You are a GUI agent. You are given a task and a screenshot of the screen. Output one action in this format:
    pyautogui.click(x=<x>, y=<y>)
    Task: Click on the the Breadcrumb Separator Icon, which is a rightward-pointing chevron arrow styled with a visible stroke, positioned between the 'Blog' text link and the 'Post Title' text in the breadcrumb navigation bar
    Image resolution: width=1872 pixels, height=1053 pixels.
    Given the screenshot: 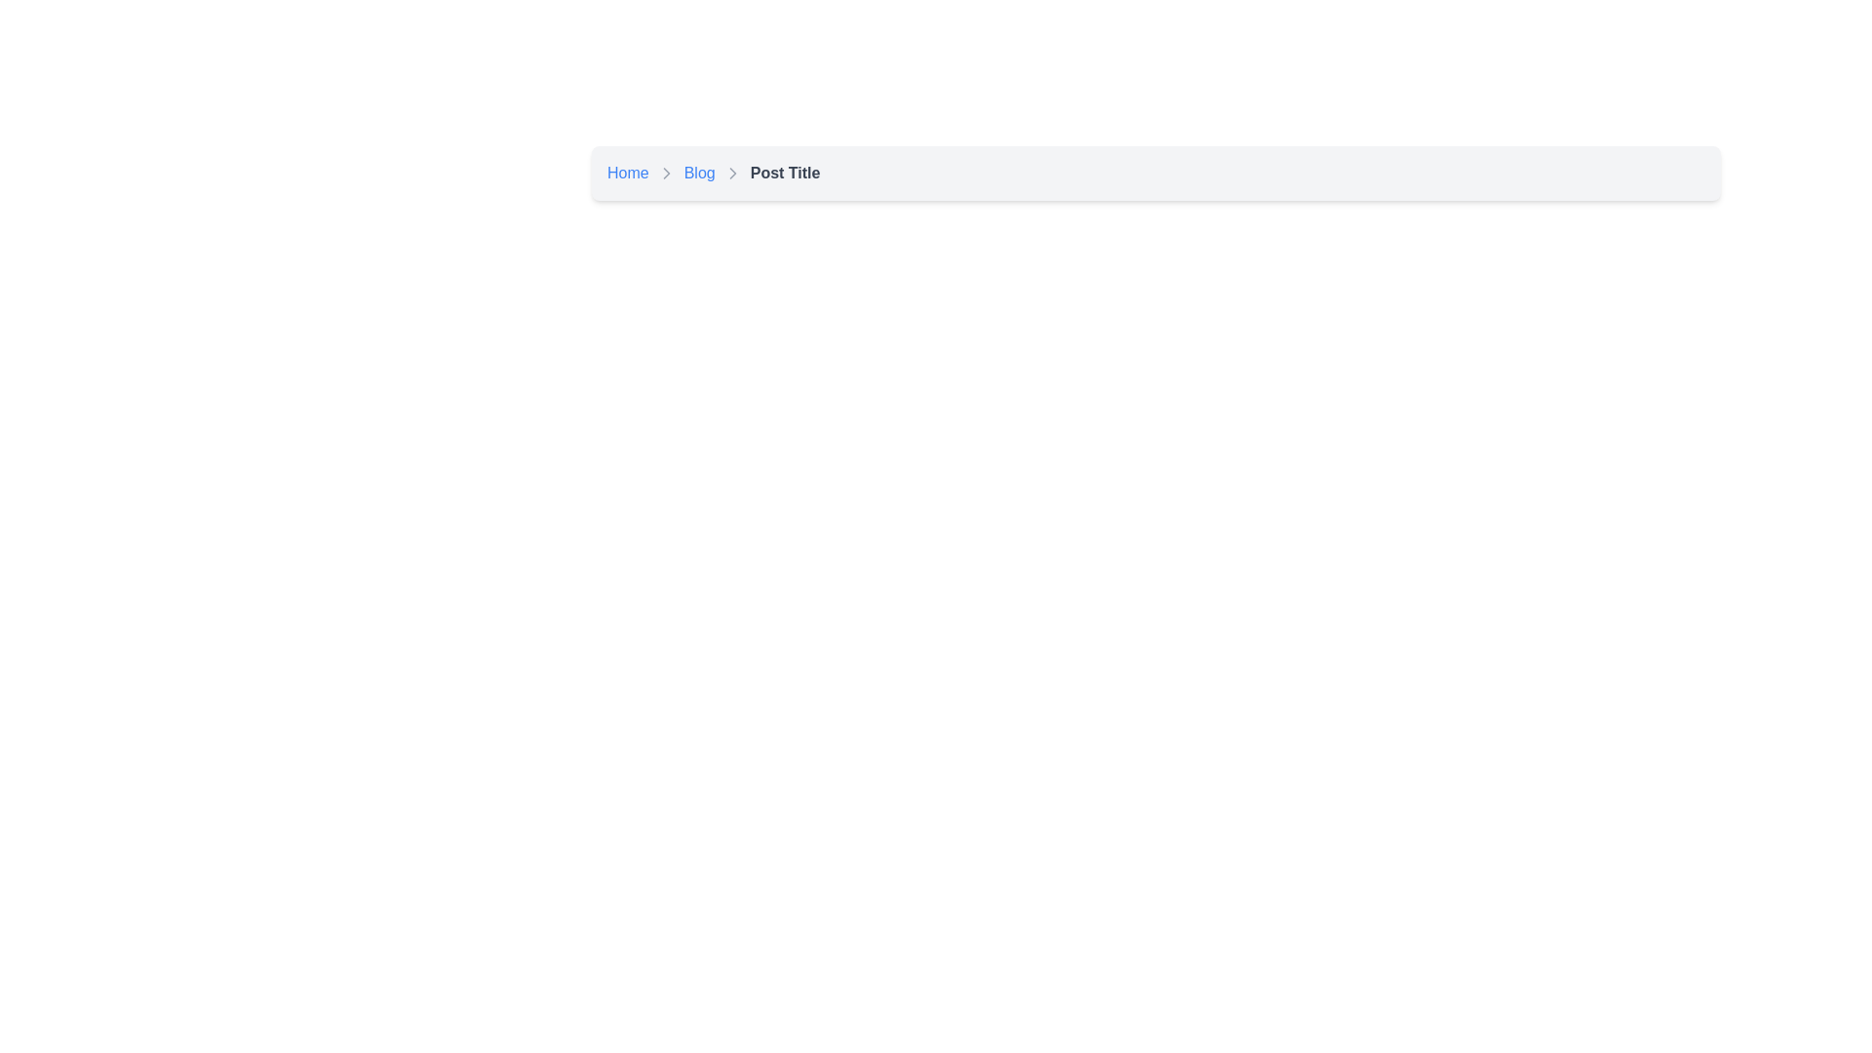 What is the action you would take?
    pyautogui.click(x=731, y=172)
    